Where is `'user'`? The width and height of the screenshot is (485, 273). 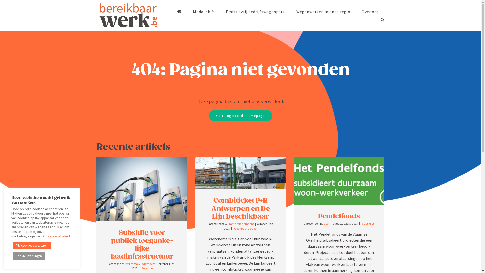 'user' is located at coordinates (326, 223).